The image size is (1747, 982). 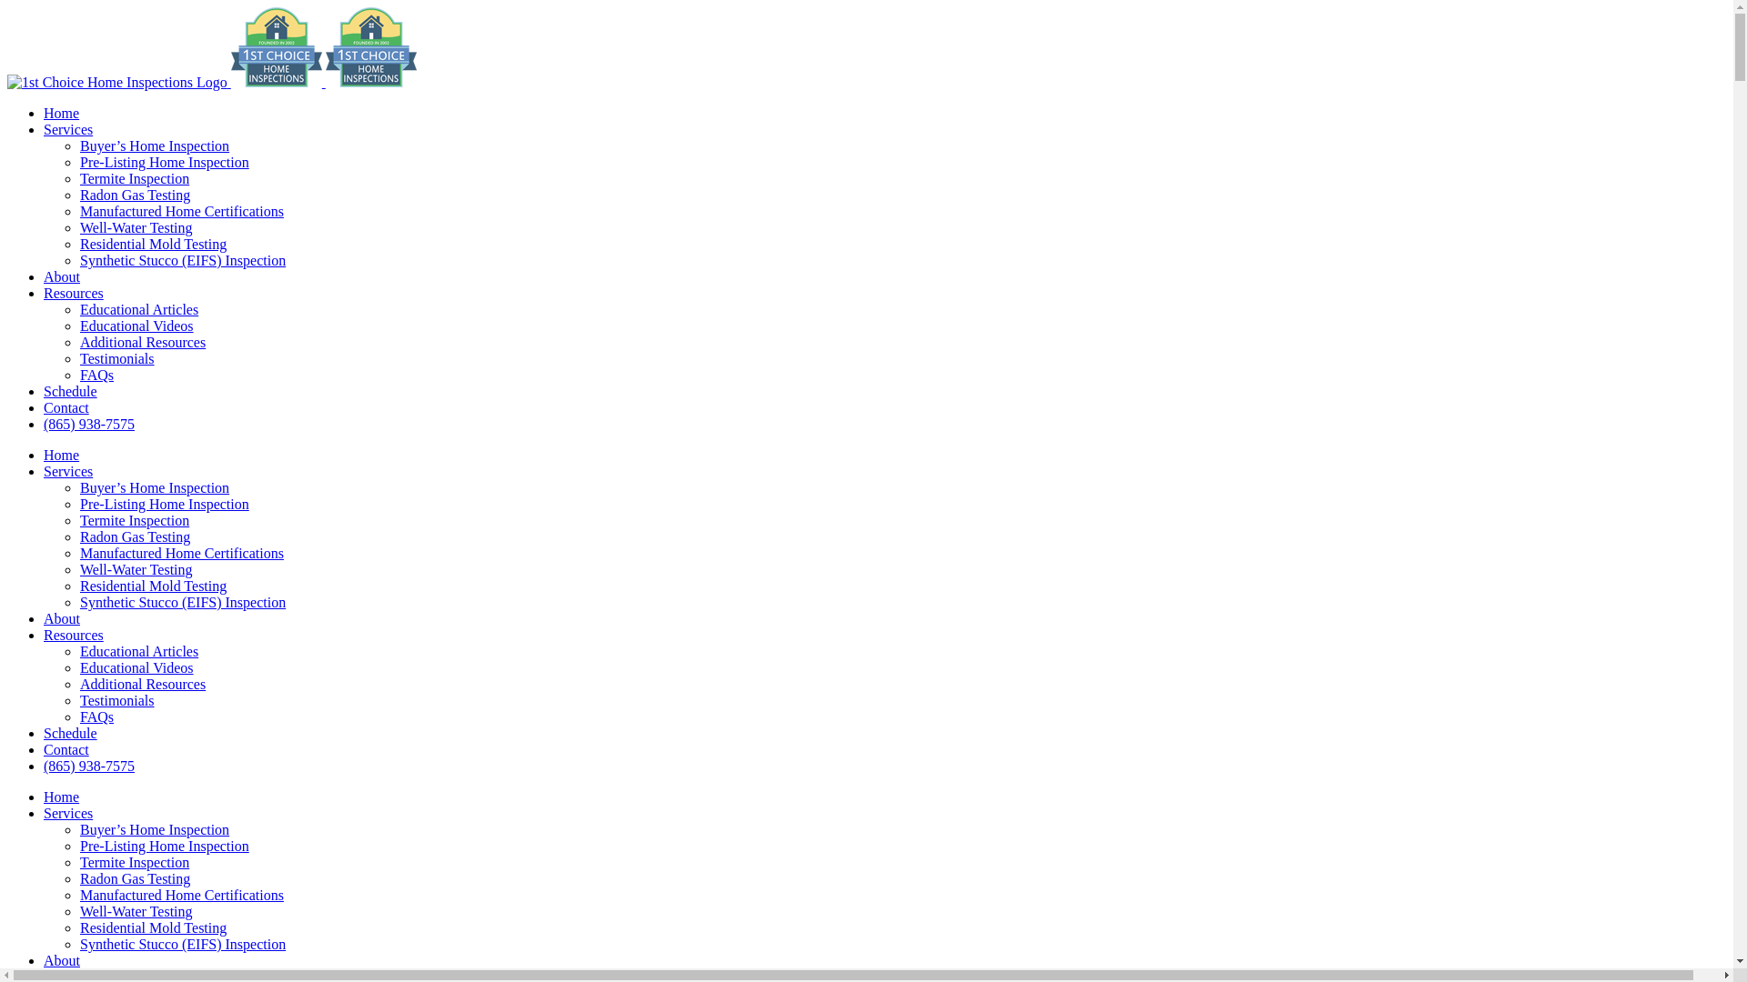 I want to click on 'Pre-Listing Home Inspection', so click(x=165, y=846).